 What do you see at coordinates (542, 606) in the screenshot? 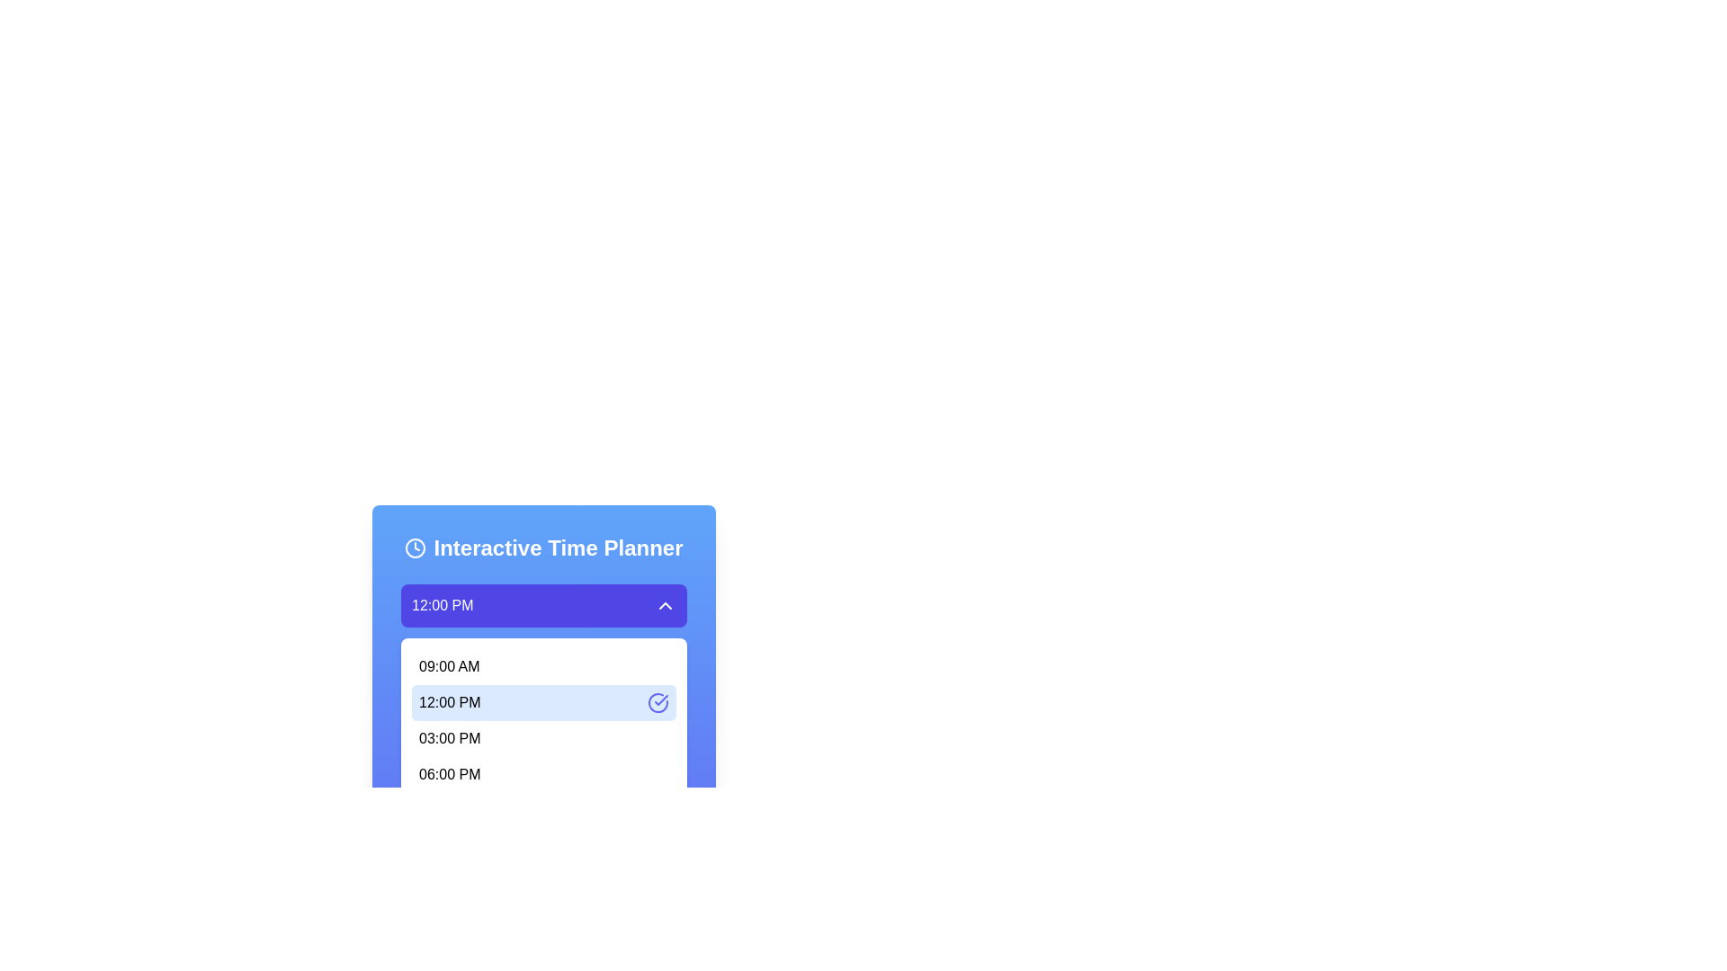
I see `the dropdown menu button displaying '12:00 PM'` at bounding box center [542, 606].